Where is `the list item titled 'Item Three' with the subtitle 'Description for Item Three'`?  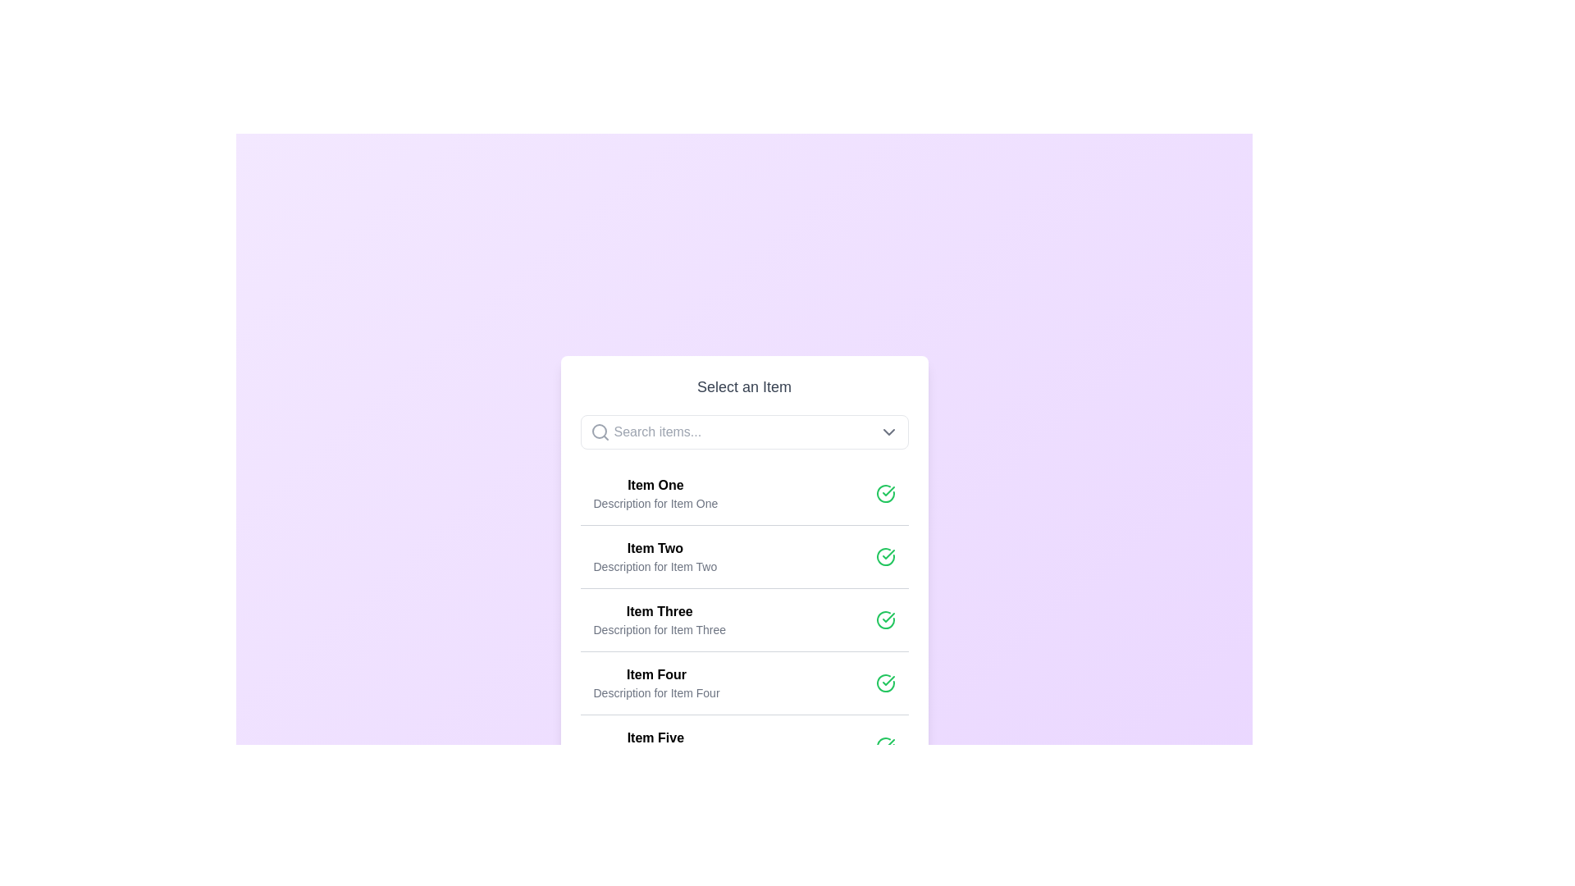
the list item titled 'Item Three' with the subtitle 'Description for Item Three' is located at coordinates (743, 620).